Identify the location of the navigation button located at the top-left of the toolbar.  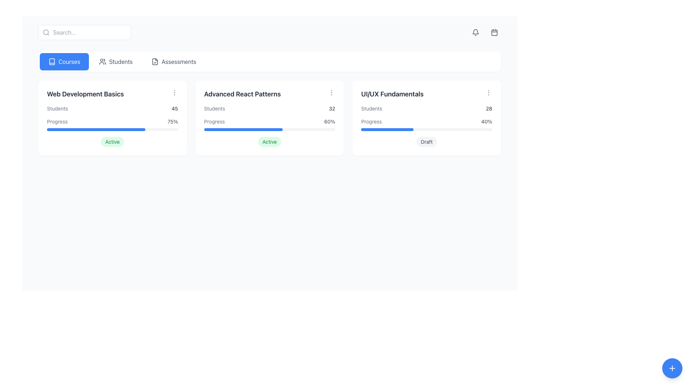
(64, 61).